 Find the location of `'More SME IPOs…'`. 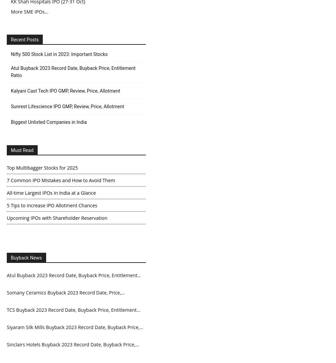

'More SME IPOs…' is located at coordinates (30, 11).